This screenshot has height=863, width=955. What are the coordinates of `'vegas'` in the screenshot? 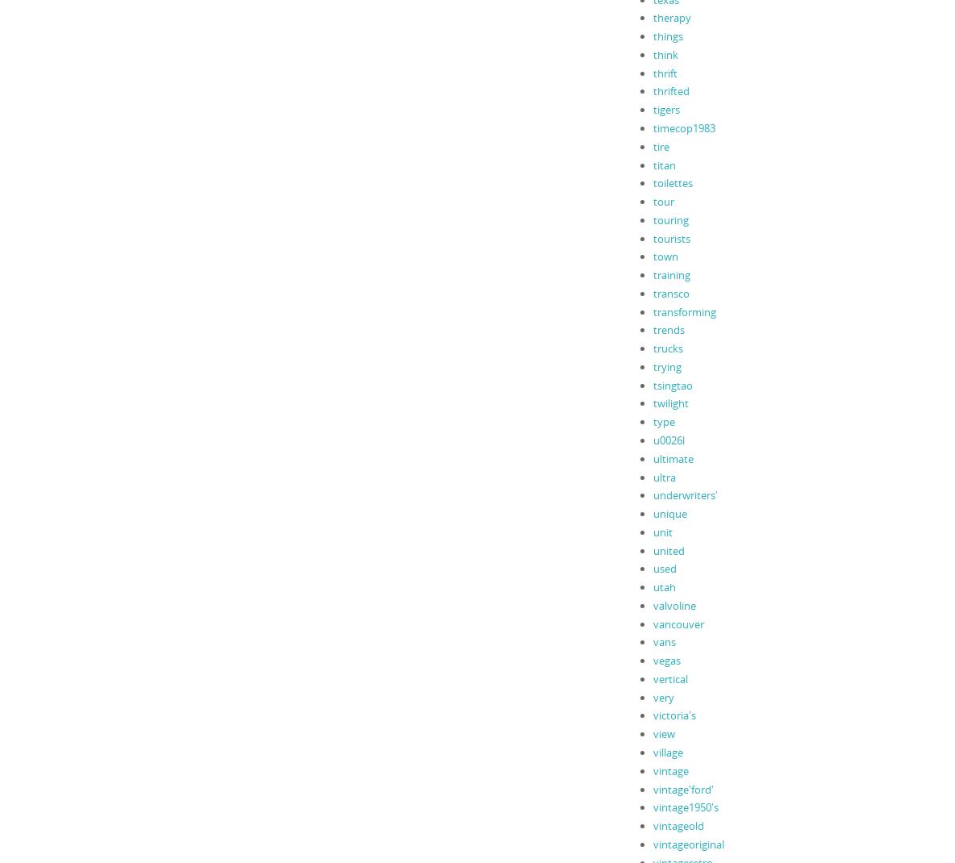 It's located at (665, 660).